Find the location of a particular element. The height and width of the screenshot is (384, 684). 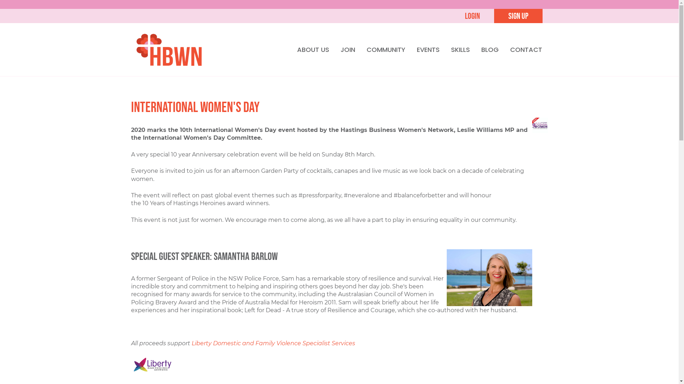

'EVENTS' is located at coordinates (427, 49).